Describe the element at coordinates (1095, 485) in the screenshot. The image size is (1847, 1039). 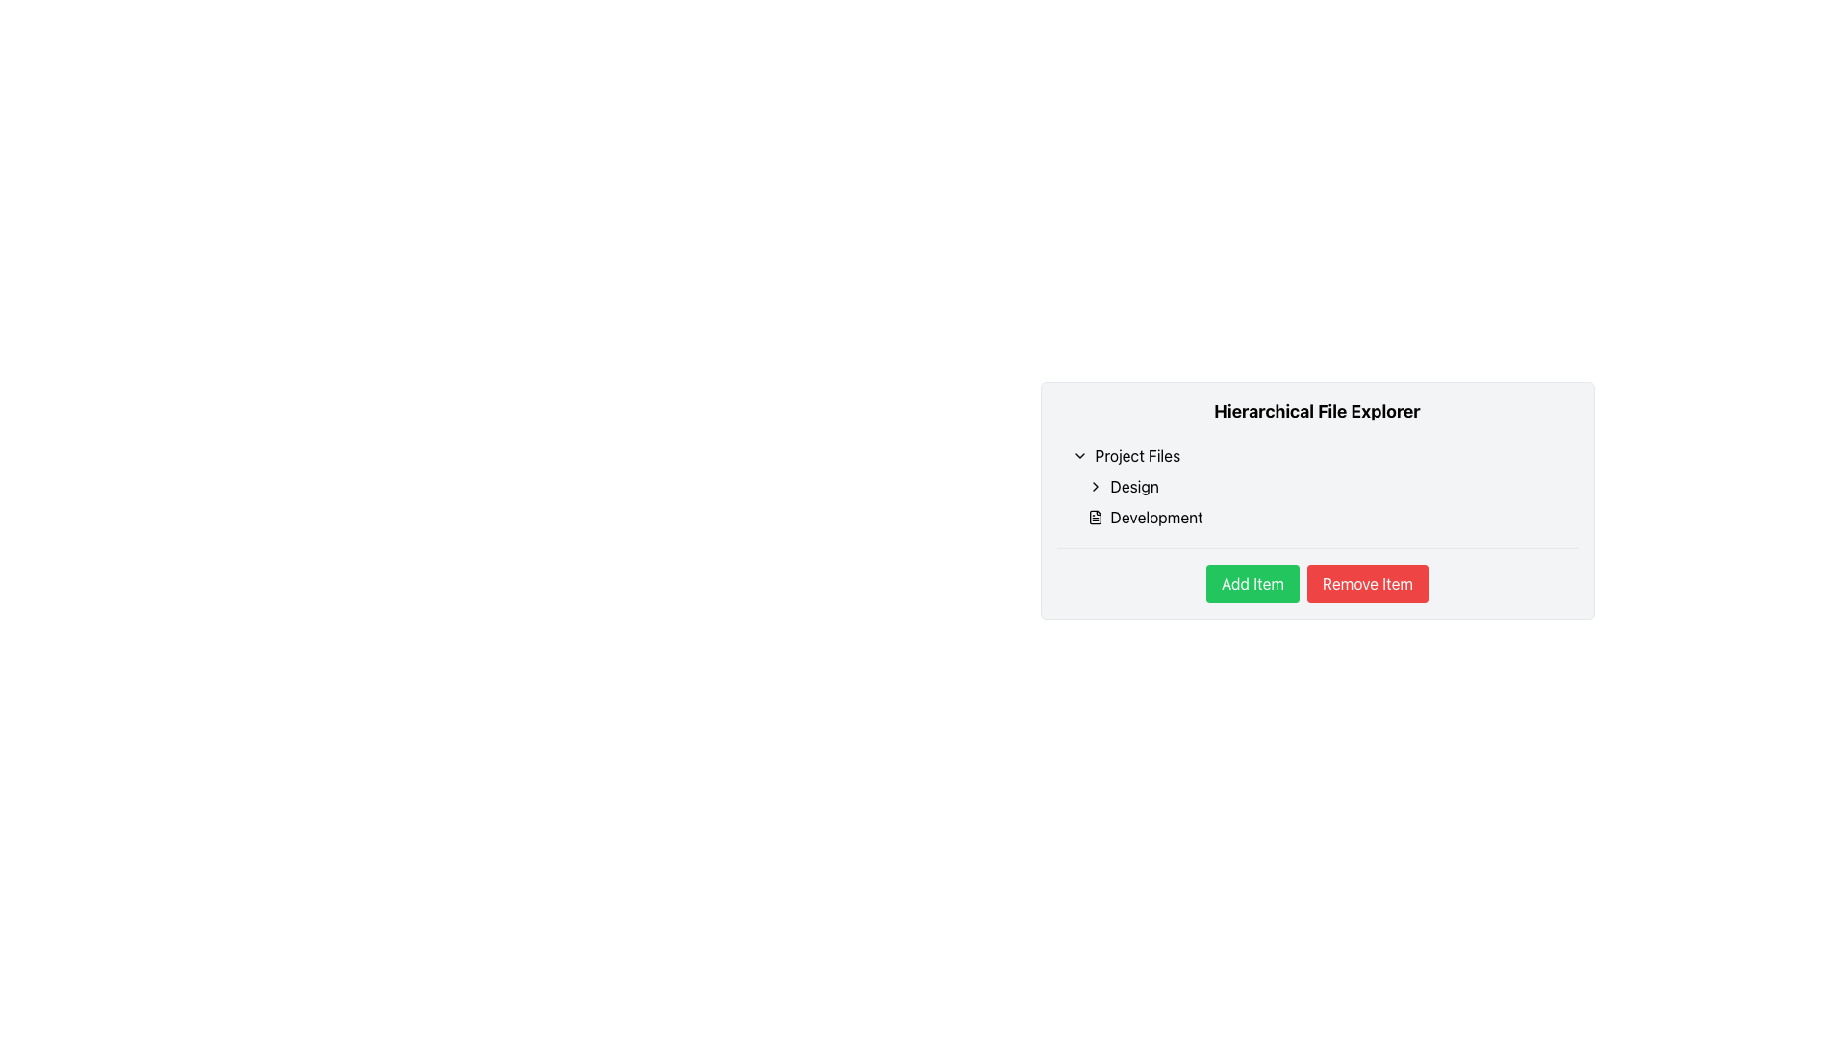
I see `the chevron icon that indicates the expansion or collapse of the 'Design' node in the hierarchical file structure` at that location.